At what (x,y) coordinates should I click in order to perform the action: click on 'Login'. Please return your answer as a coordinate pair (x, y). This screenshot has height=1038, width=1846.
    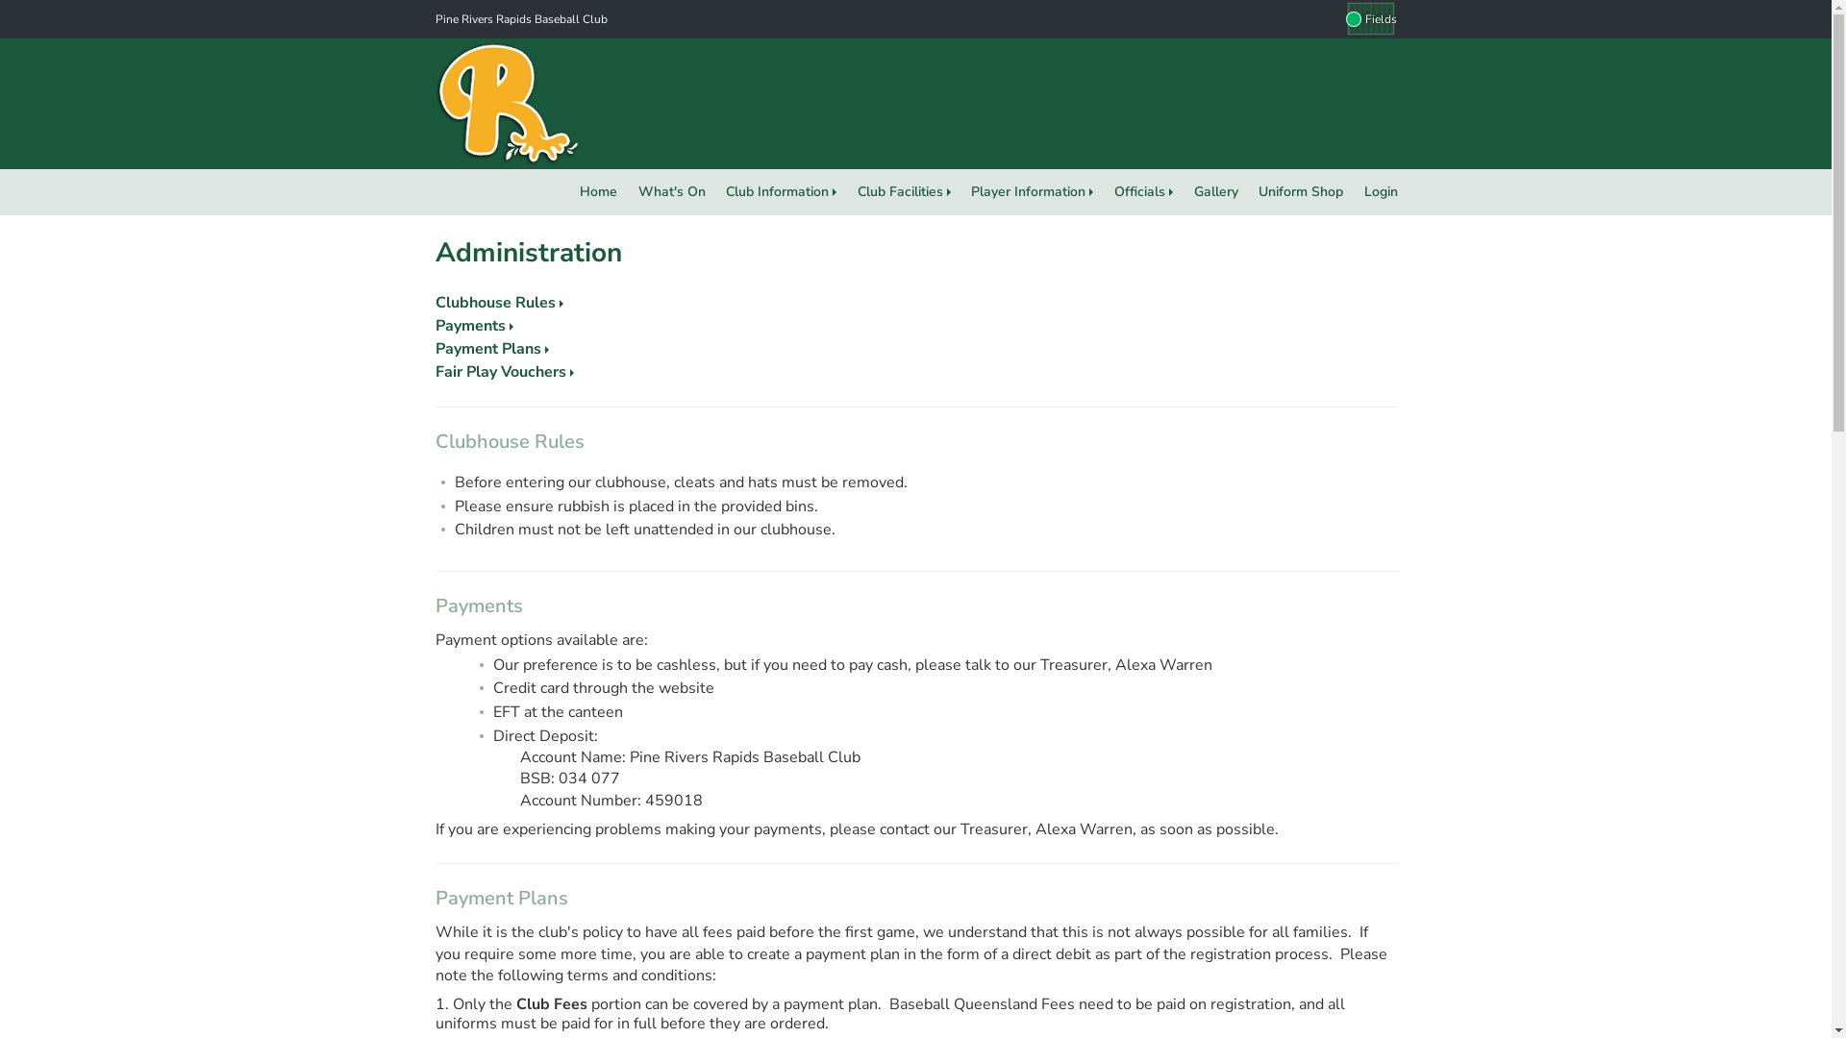
    Looking at the image, I should click on (1380, 192).